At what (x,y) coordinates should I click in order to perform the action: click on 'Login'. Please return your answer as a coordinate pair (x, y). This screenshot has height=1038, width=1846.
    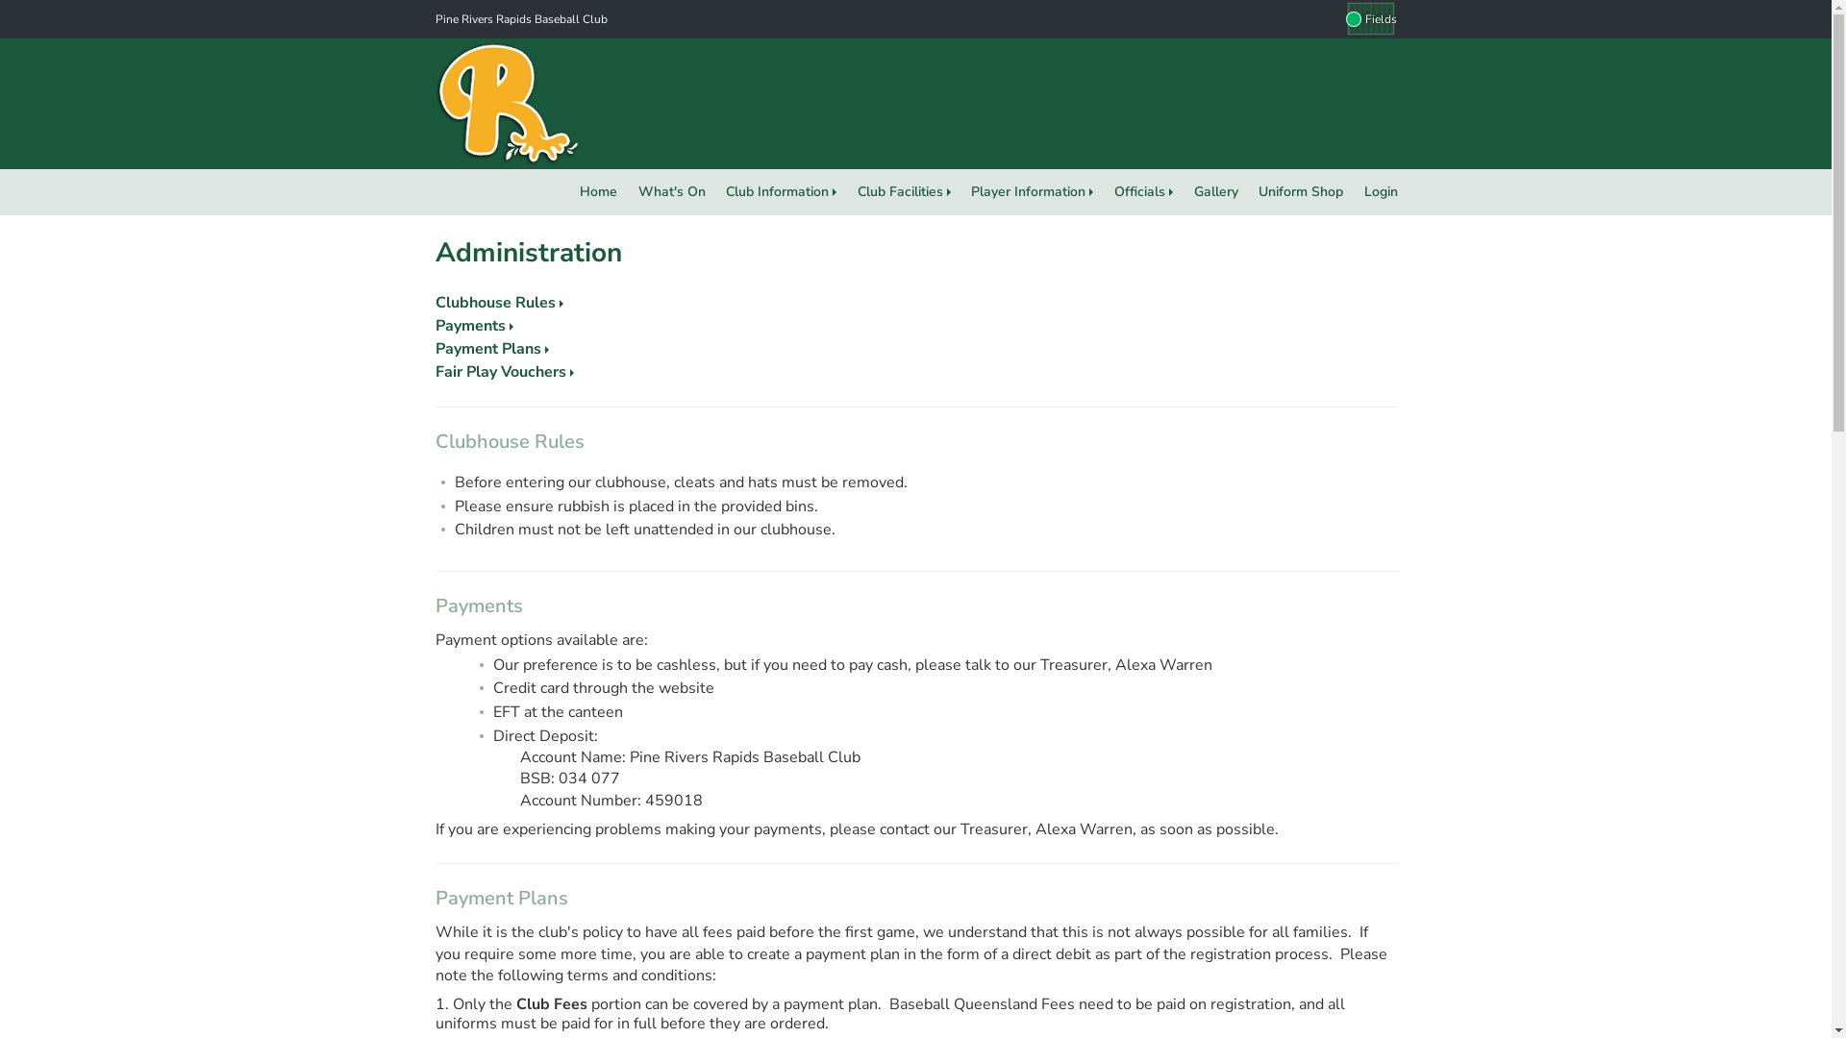
    Looking at the image, I should click on (1380, 192).